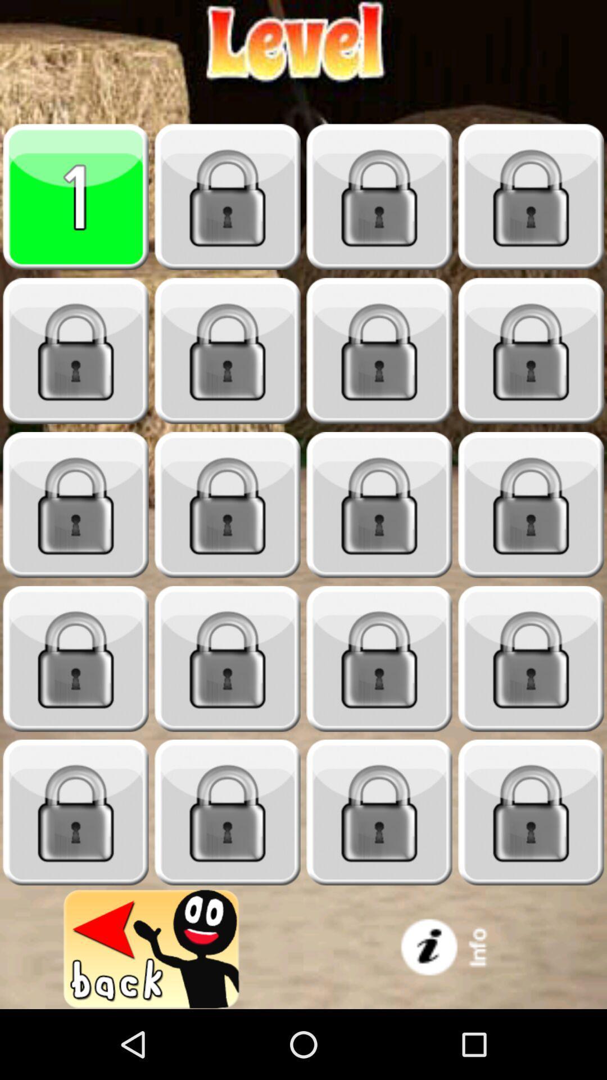 The height and width of the screenshot is (1080, 607). I want to click on lock 16, so click(228, 812).